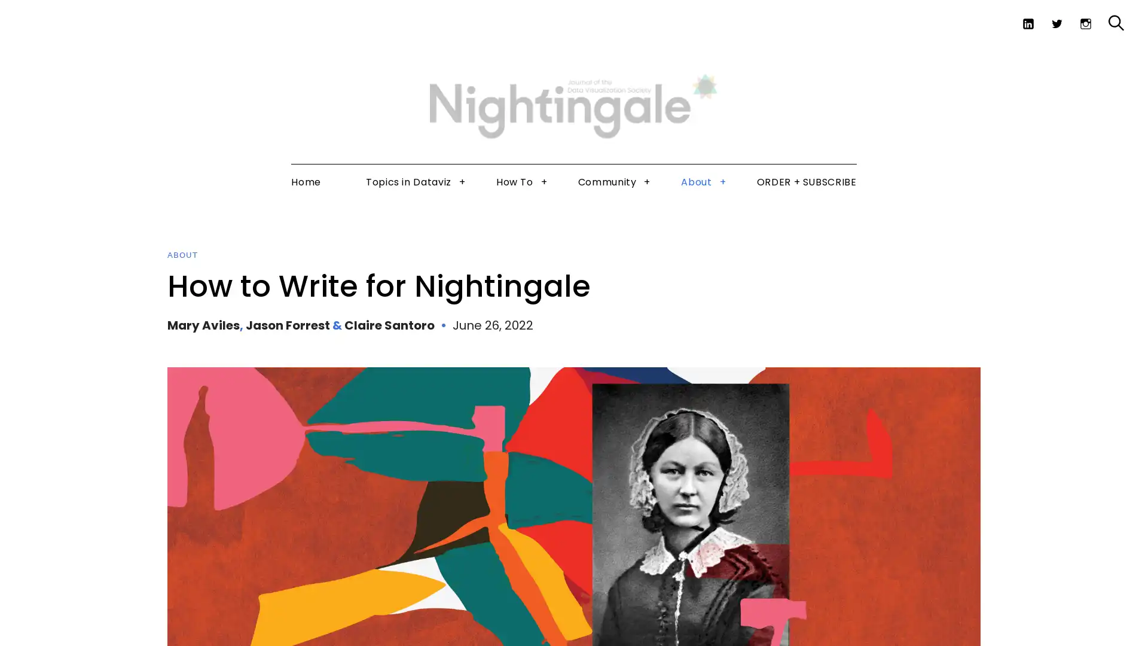 This screenshot has height=646, width=1148. Describe the element at coordinates (33, 17) in the screenshot. I see `MENU` at that location.